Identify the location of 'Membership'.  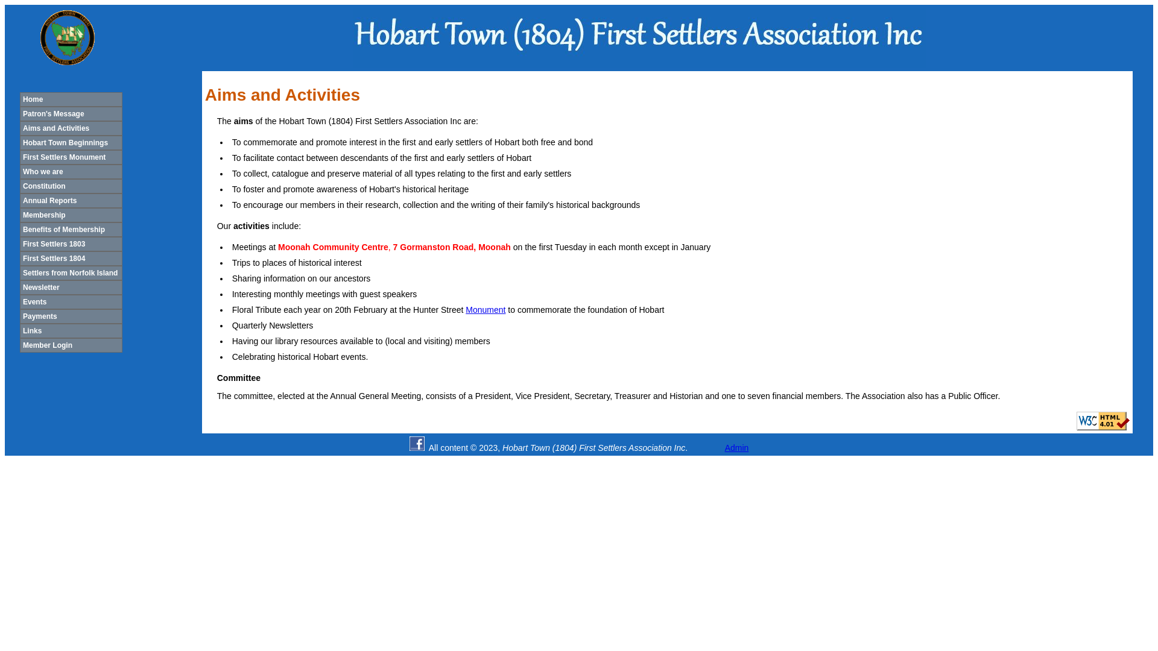
(71, 215).